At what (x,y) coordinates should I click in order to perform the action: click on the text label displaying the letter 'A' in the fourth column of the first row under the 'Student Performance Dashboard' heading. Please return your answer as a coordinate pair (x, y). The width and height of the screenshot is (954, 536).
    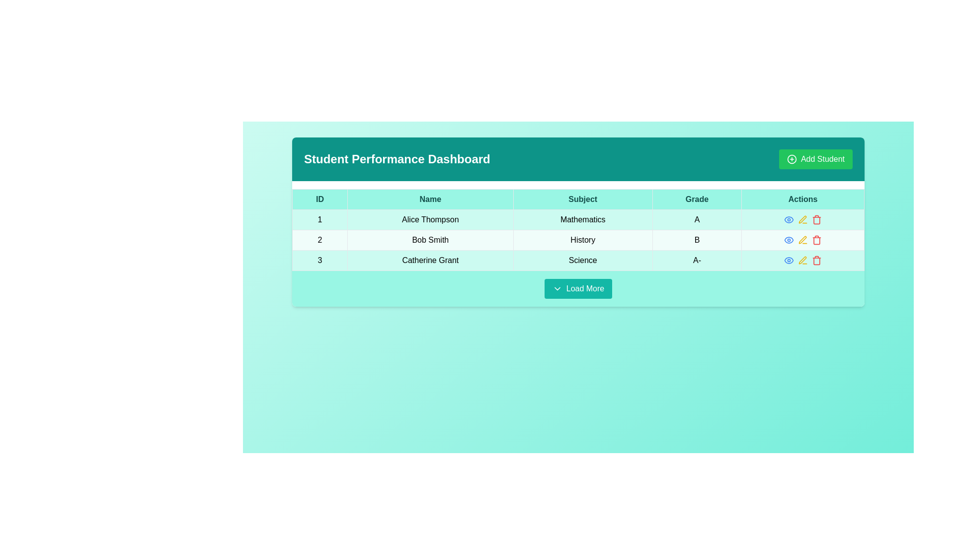
    Looking at the image, I should click on (696, 219).